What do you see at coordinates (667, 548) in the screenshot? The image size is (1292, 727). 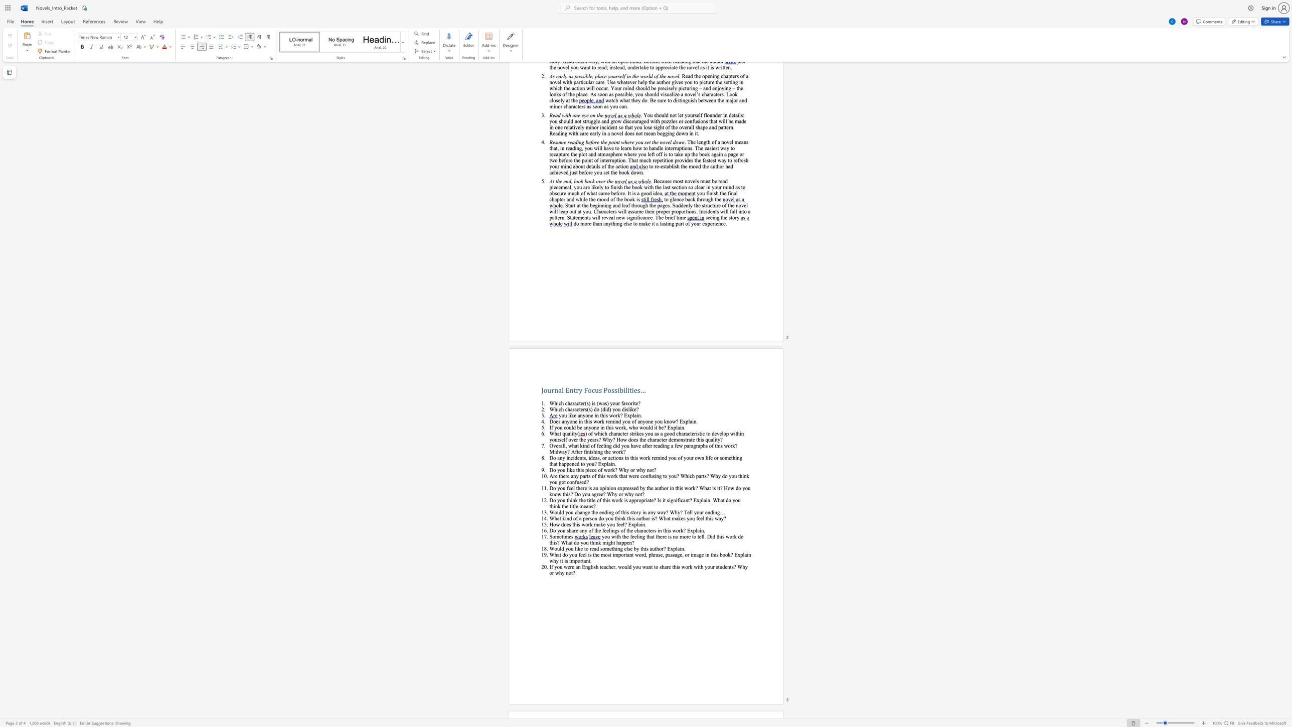 I see `the subset text "Ex" within the text "Would you like to read something else by this author? Explain."` at bounding box center [667, 548].